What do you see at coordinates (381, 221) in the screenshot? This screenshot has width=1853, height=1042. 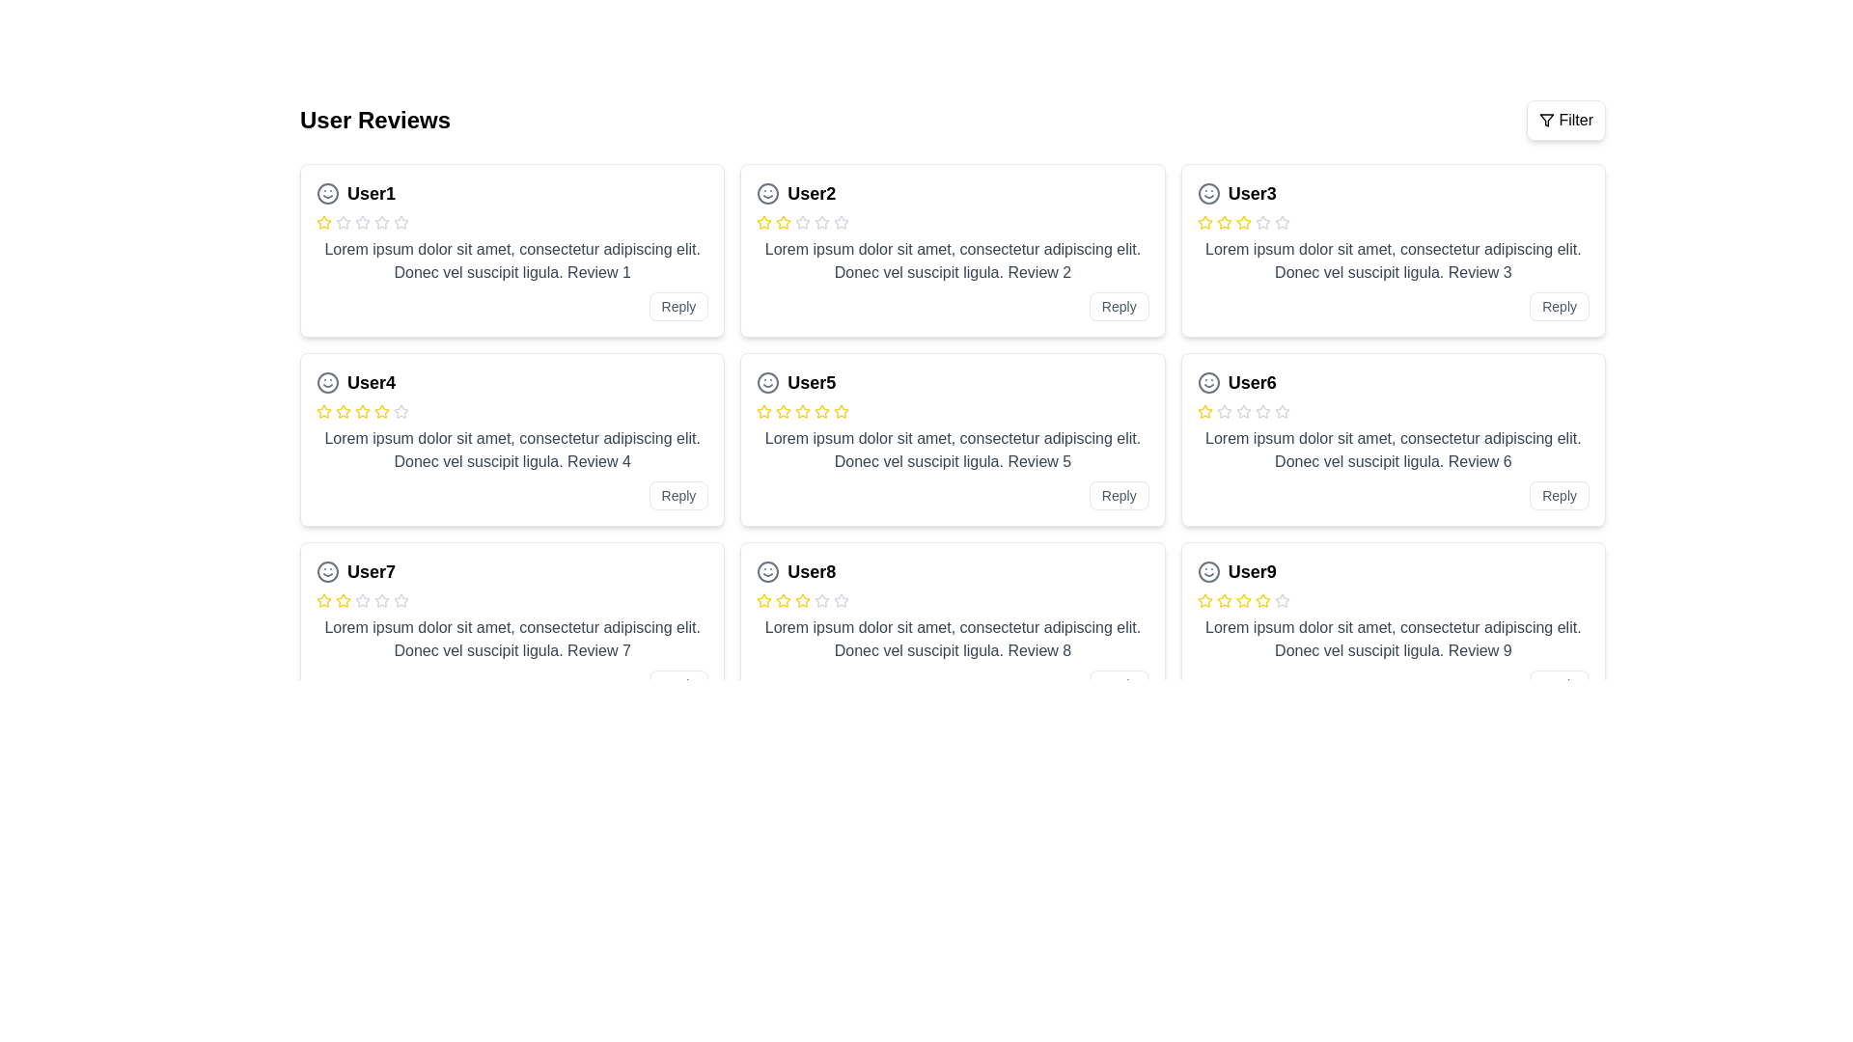 I see `the third star icon in the rating row of User1's review card` at bounding box center [381, 221].